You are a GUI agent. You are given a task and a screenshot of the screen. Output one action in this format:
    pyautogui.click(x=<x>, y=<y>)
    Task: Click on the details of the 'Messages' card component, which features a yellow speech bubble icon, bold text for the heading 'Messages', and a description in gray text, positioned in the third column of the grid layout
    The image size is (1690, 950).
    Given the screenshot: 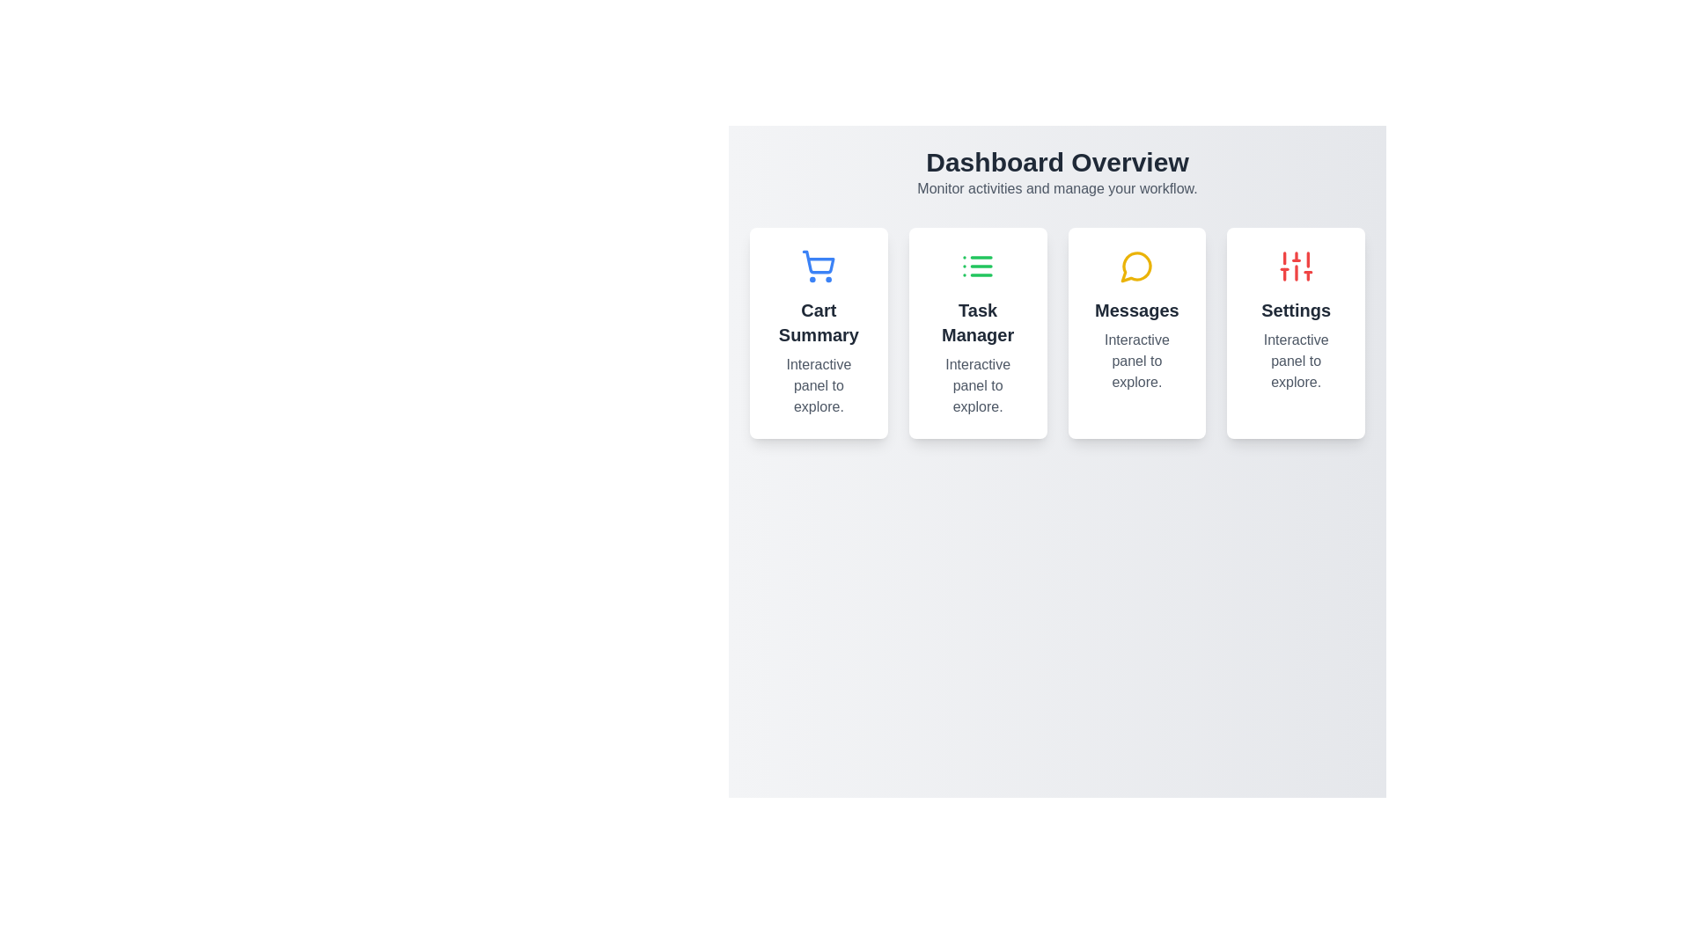 What is the action you would take?
    pyautogui.click(x=1136, y=332)
    